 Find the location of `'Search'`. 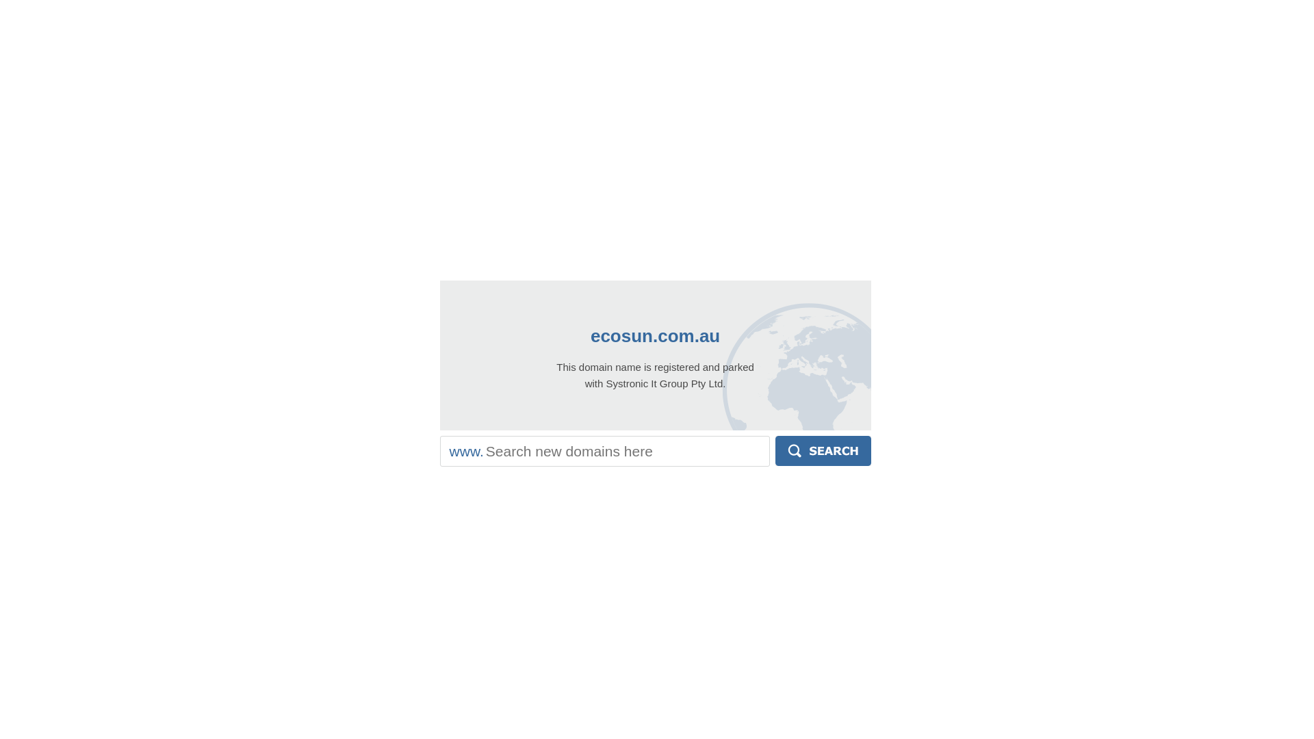

'Search' is located at coordinates (823, 451).